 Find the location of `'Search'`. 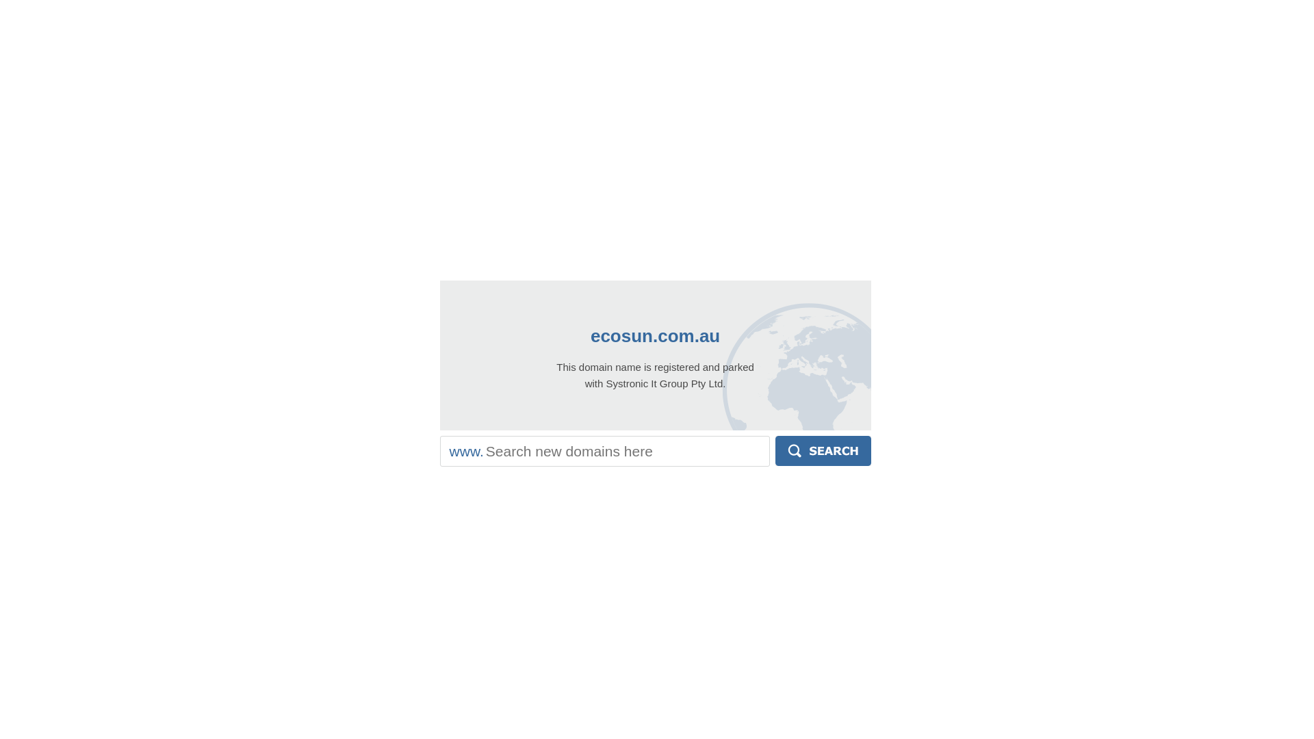

'Search' is located at coordinates (823, 451).